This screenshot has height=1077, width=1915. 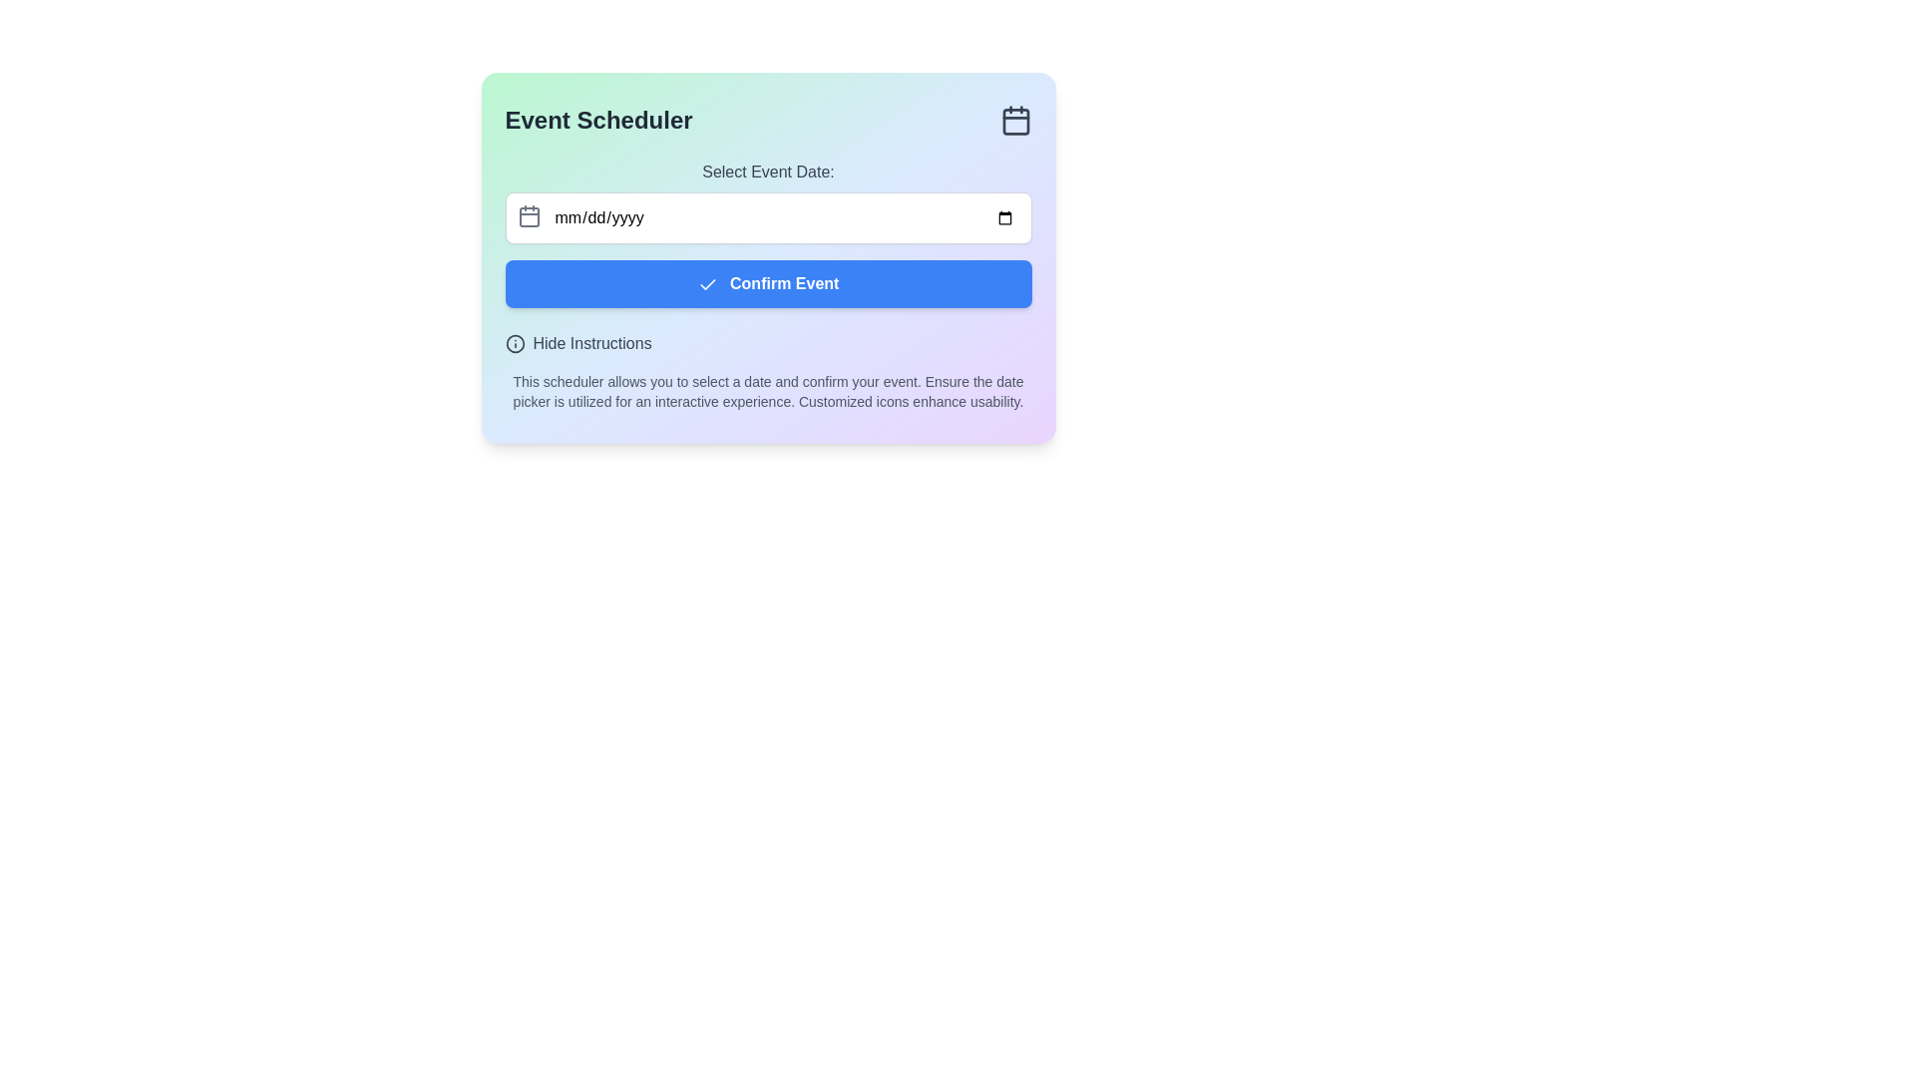 I want to click on the graphical shape that is part of the calendar icon located in the top-right corner of the scheduling interface, so click(x=1015, y=122).